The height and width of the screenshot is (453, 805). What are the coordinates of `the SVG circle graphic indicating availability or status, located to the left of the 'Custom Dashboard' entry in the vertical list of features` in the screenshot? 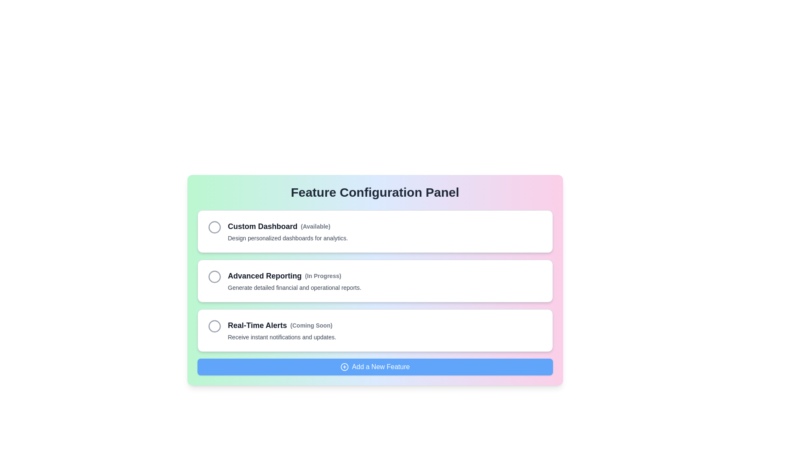 It's located at (214, 227).